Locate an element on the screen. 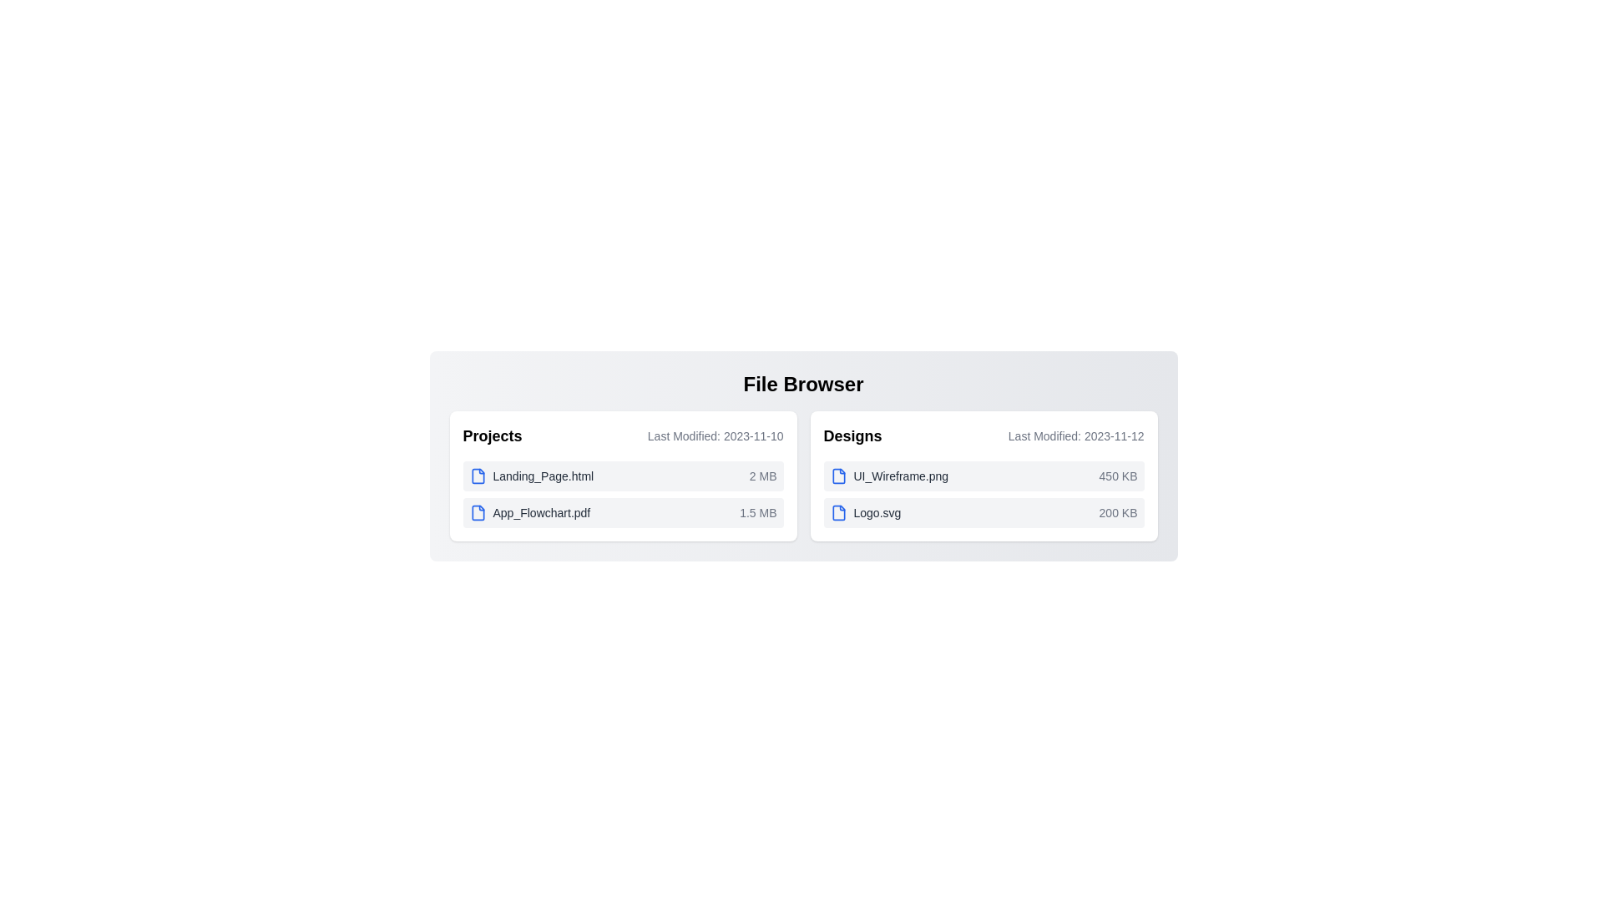  the file named Landing_Page.html to select it is located at coordinates (530, 476).